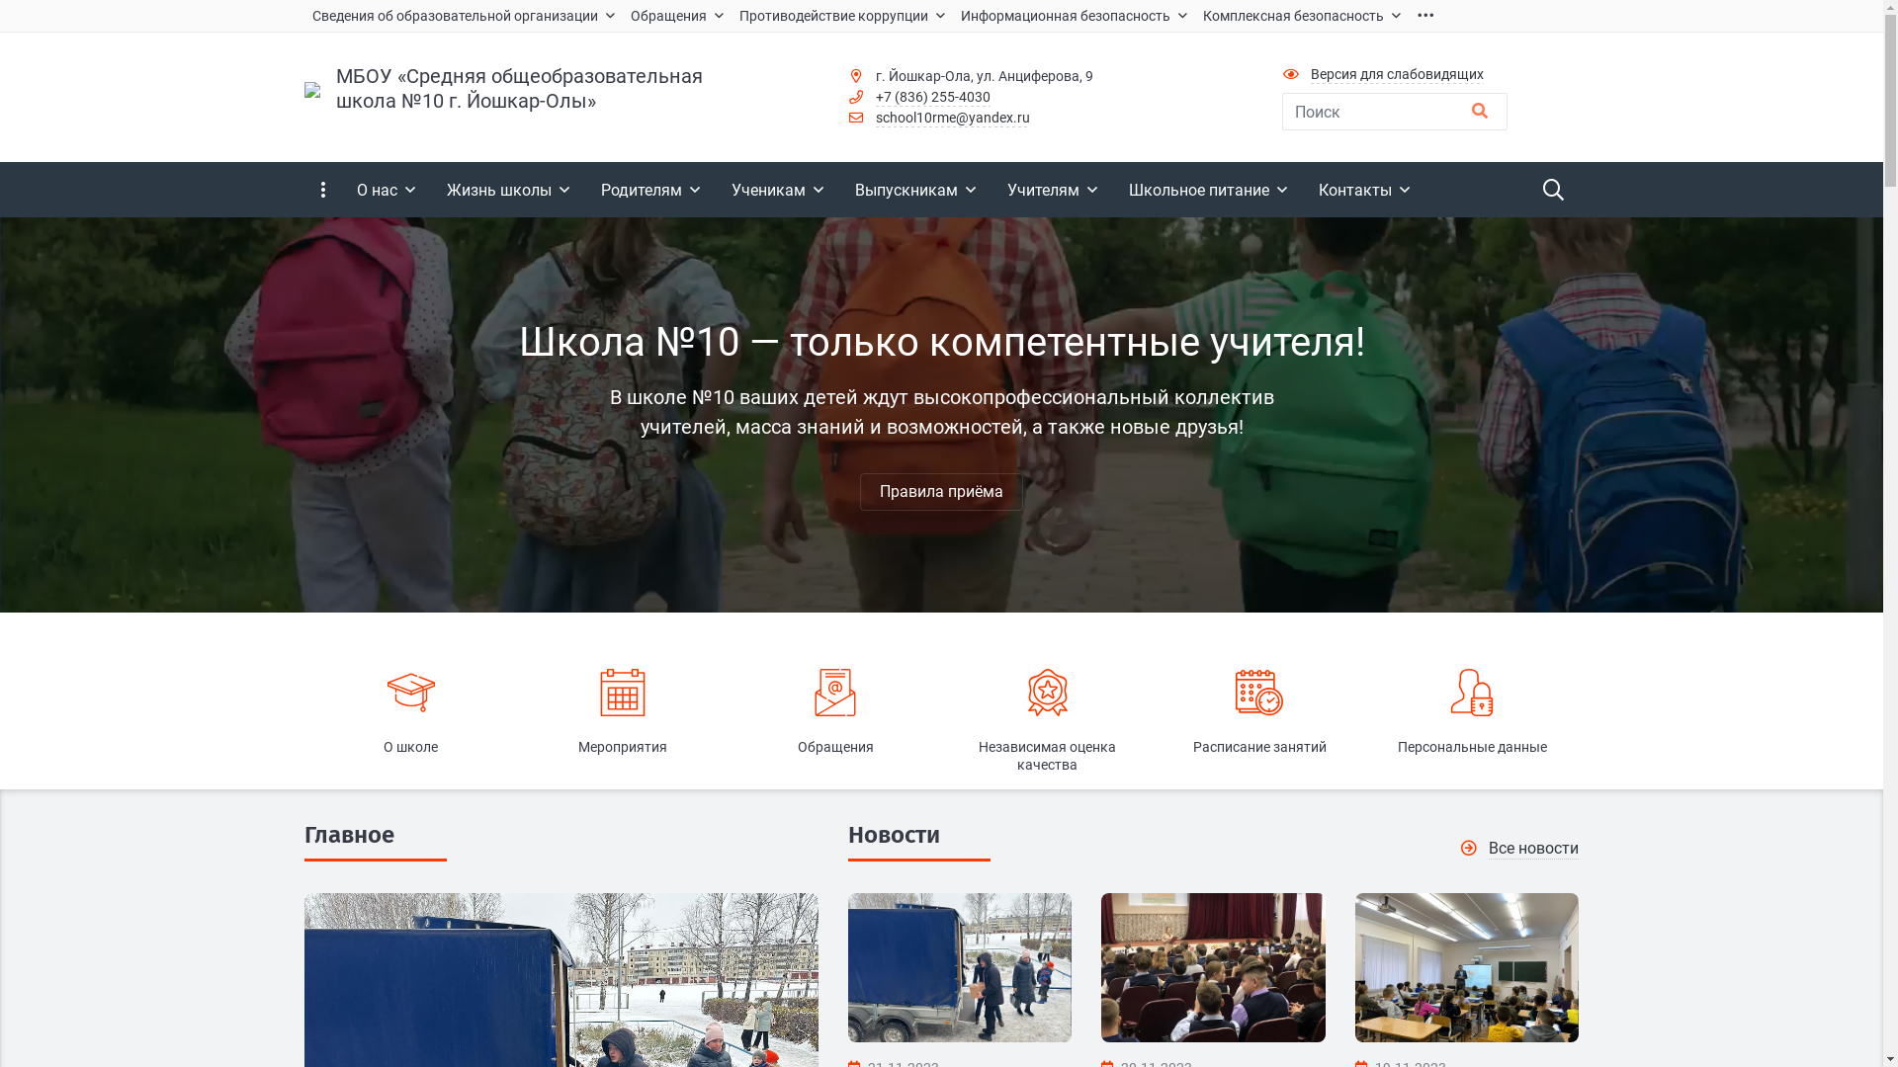 The image size is (1898, 1067). I want to click on '+7 (836) 255-4030', so click(932, 98).